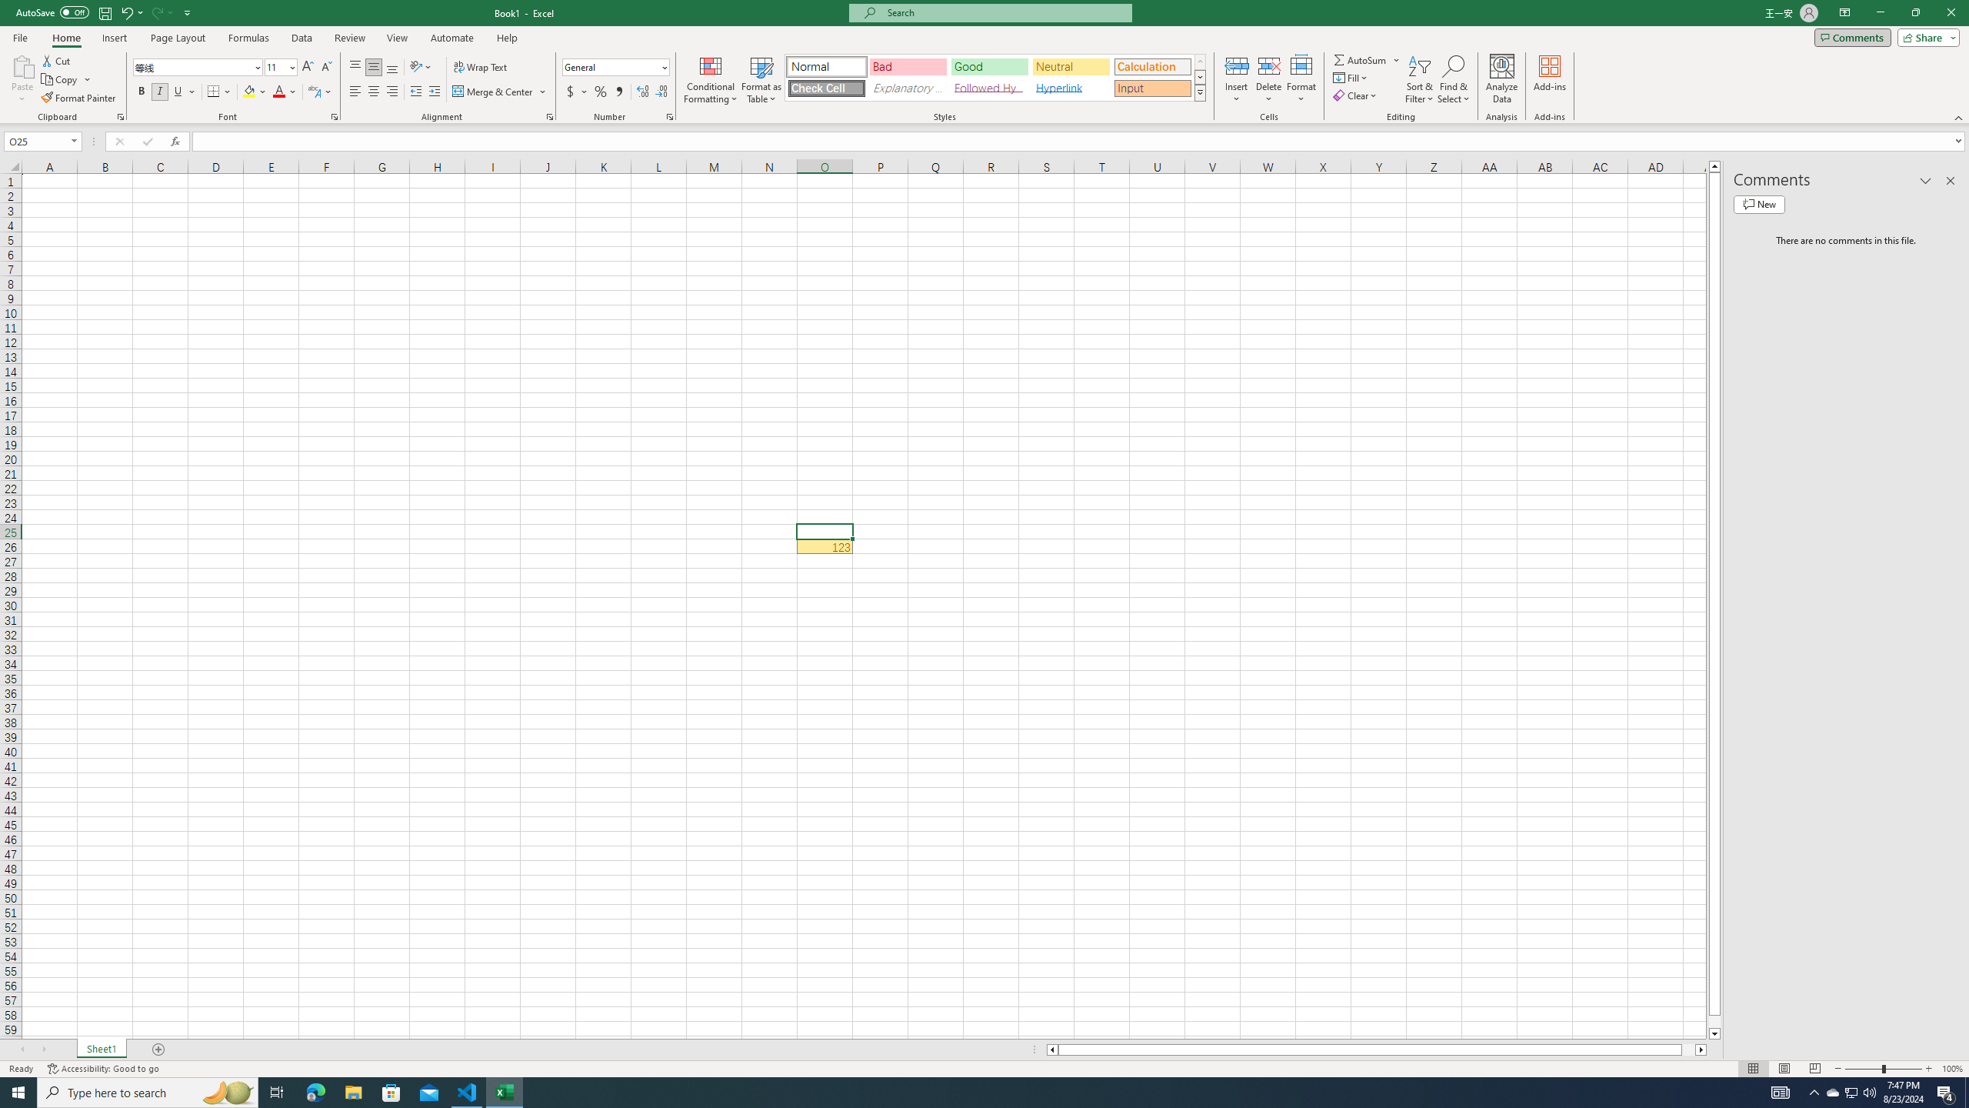 The width and height of the screenshot is (1969, 1108). What do you see at coordinates (1200, 76) in the screenshot?
I see `'Row Down'` at bounding box center [1200, 76].